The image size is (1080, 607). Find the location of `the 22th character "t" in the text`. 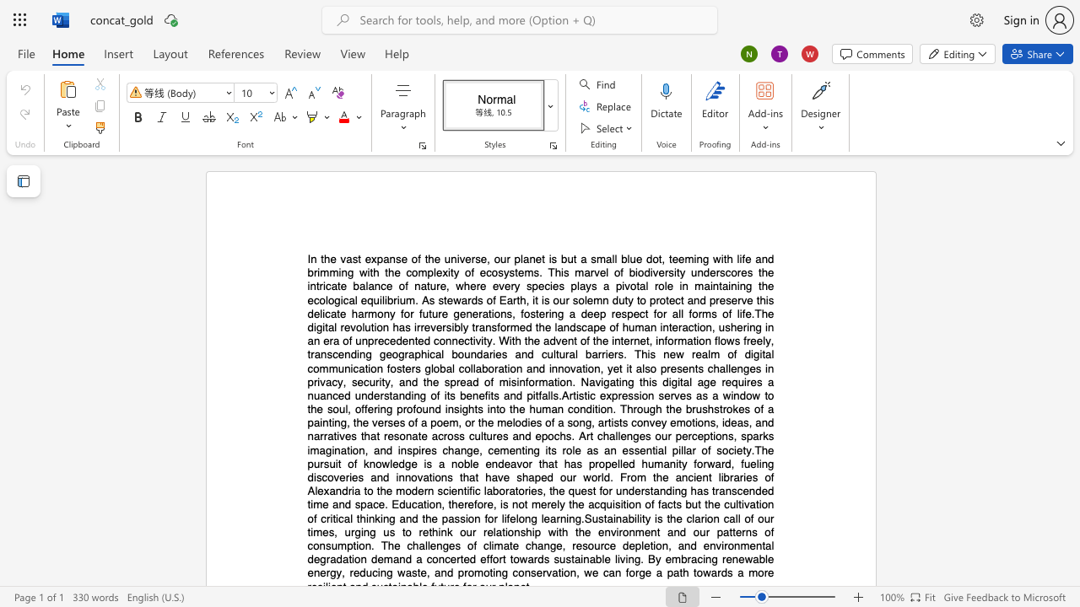

the 22th character "t" in the text is located at coordinates (348, 449).